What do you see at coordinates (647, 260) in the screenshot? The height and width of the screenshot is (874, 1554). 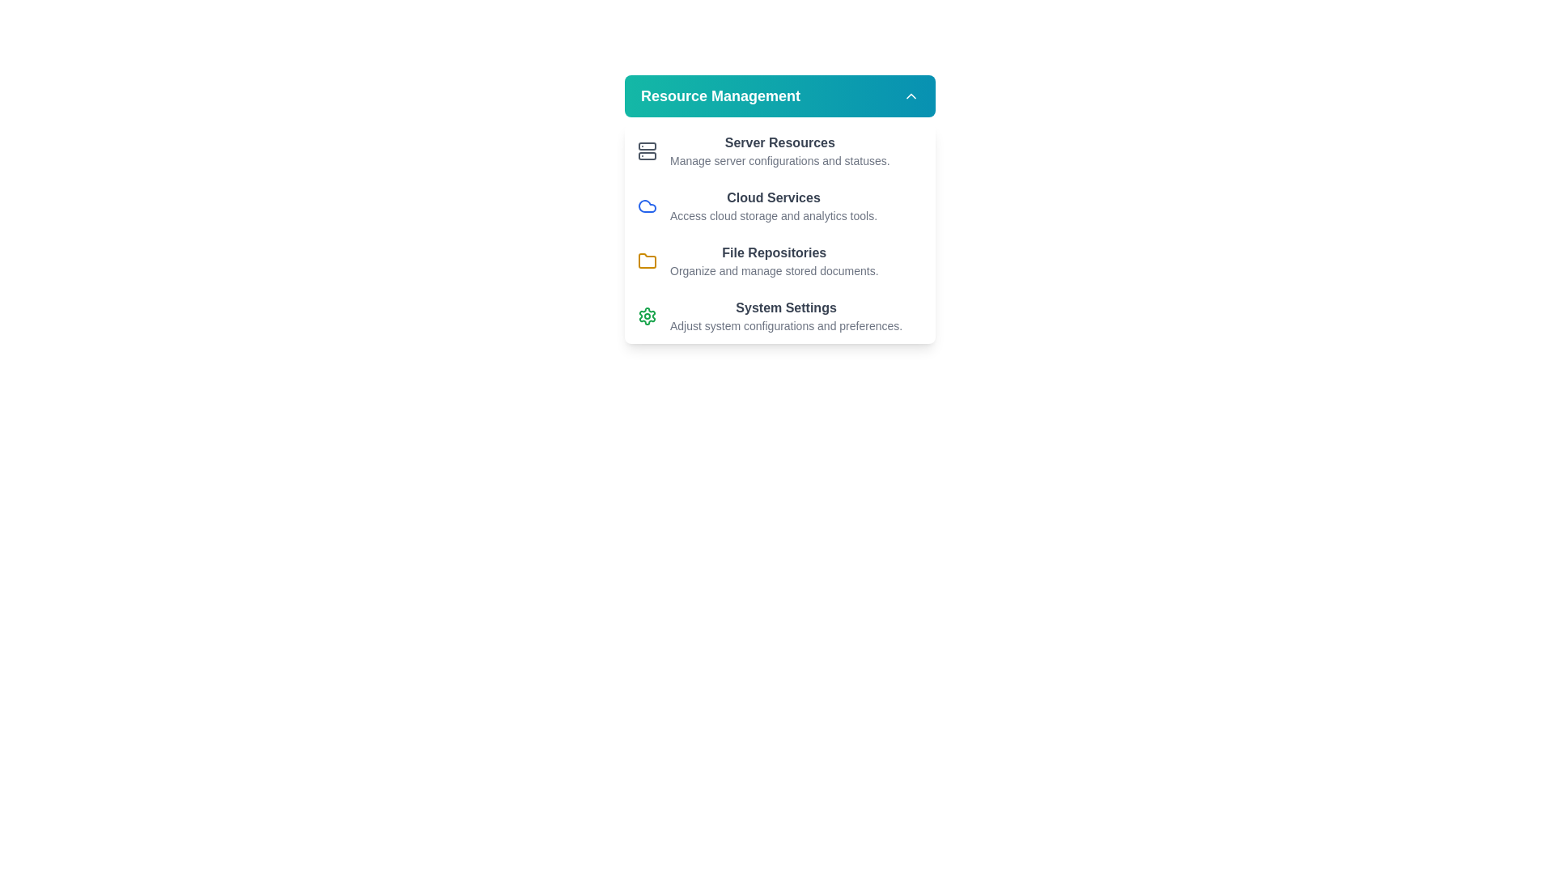 I see `the yellow folder icon located to the left of the 'File Repositories' label in the 'Resource Management' menu` at bounding box center [647, 260].